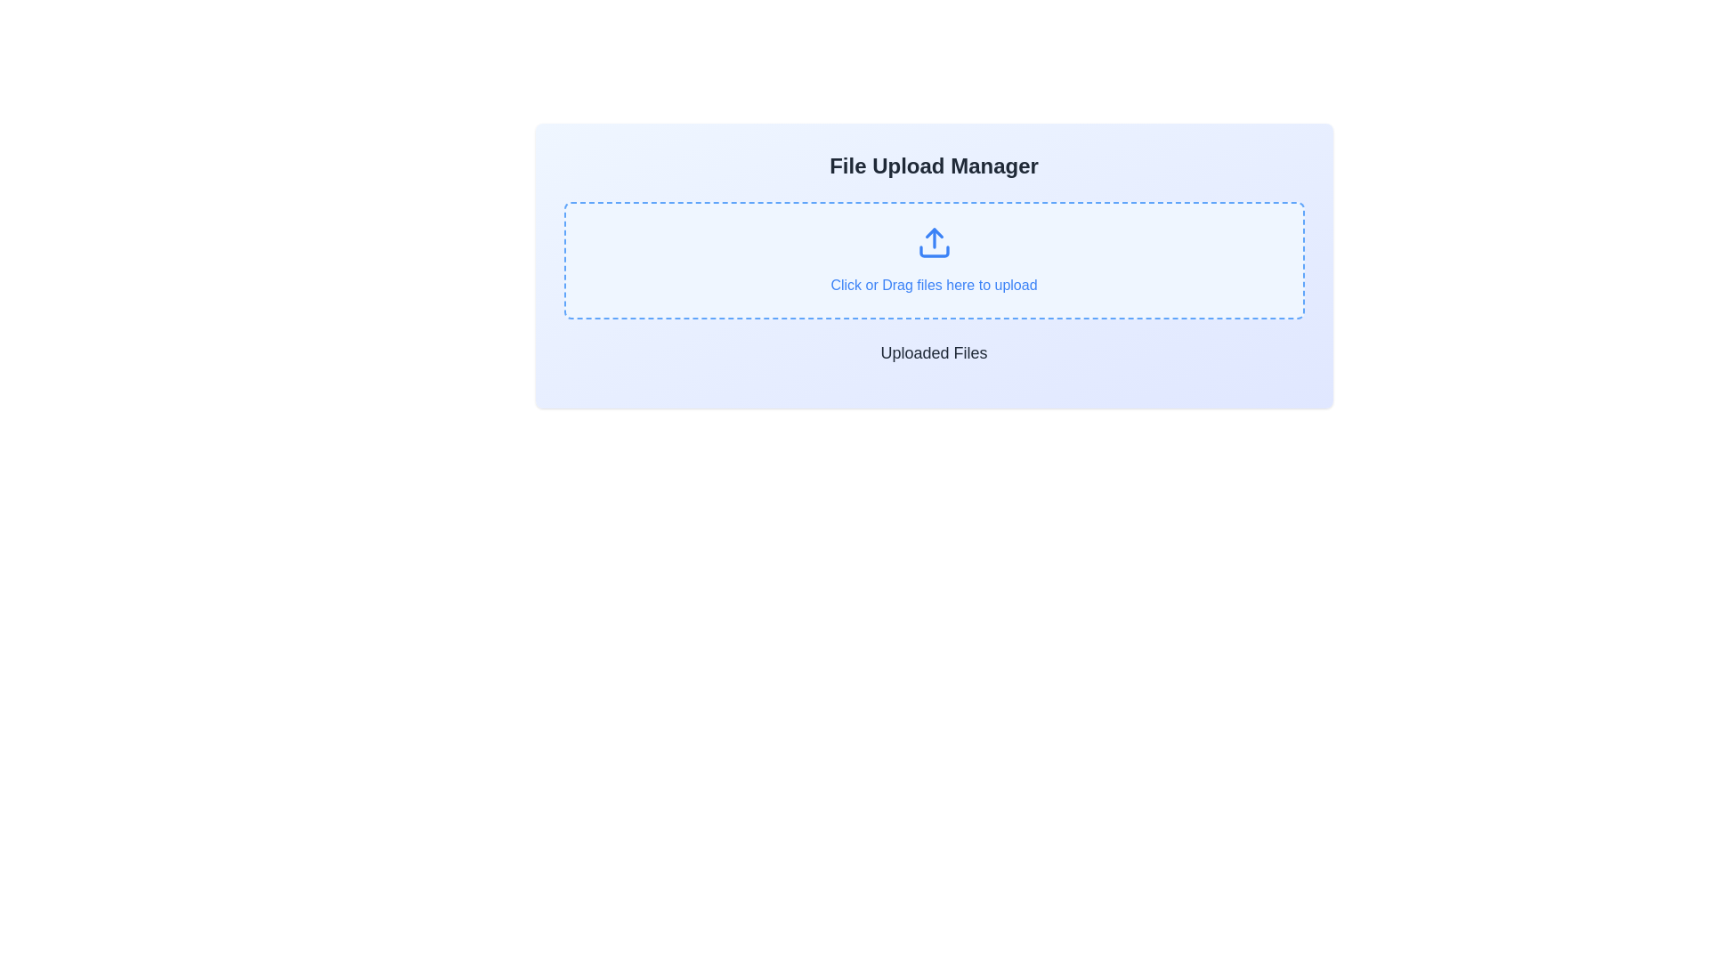 The image size is (1709, 961). Describe the element at coordinates (933, 243) in the screenshot. I see `the upward arrow icon, which is styled in blue and located within the file upload section` at that location.